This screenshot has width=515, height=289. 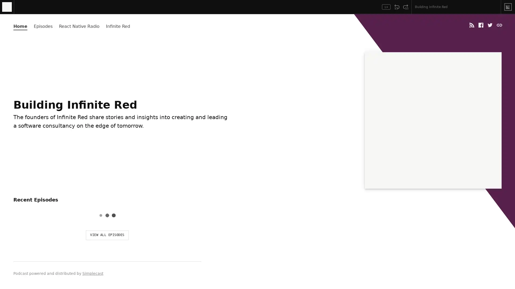 What do you see at coordinates (20, 273) in the screenshot?
I see `Play` at bounding box center [20, 273].